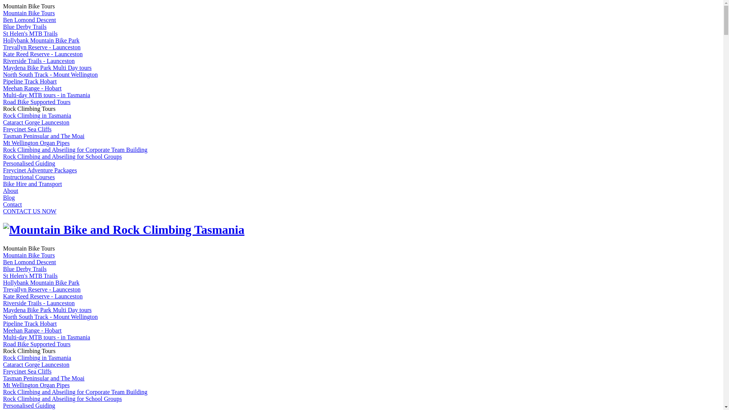  I want to click on 'Hollybank Mountain Bike Park', so click(41, 40).